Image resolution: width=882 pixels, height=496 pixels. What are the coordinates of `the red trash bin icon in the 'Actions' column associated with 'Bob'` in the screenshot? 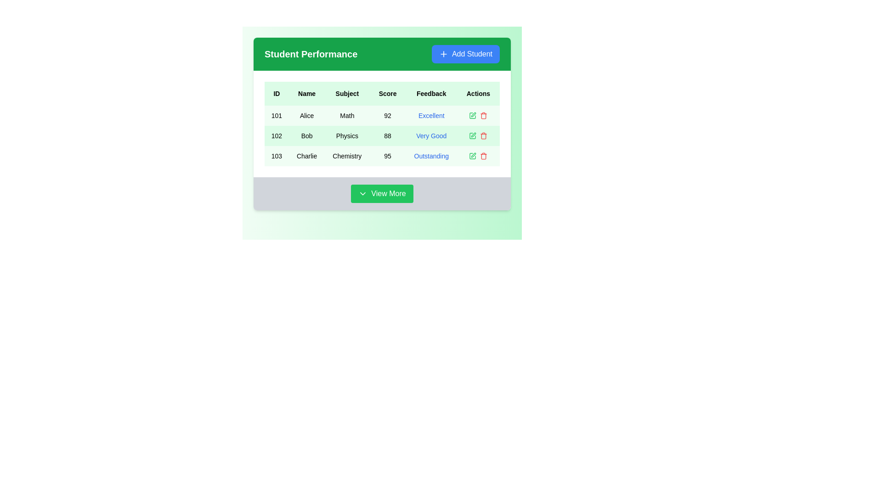 It's located at (483, 136).